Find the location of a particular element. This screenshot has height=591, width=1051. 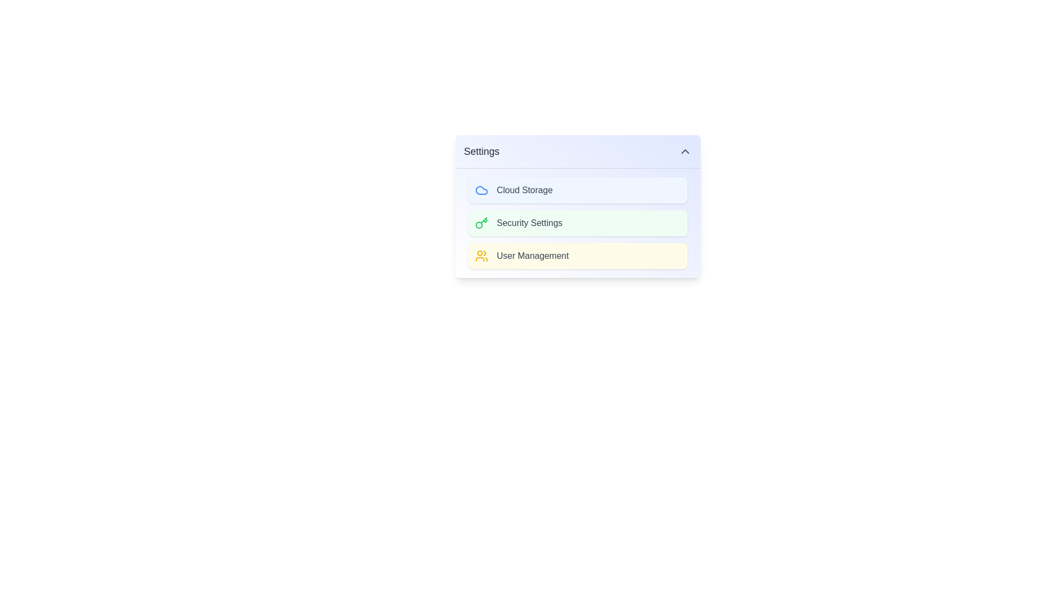

the 'Security Settings' label, which is the second item in a vertically stacked list is located at coordinates (529, 223).